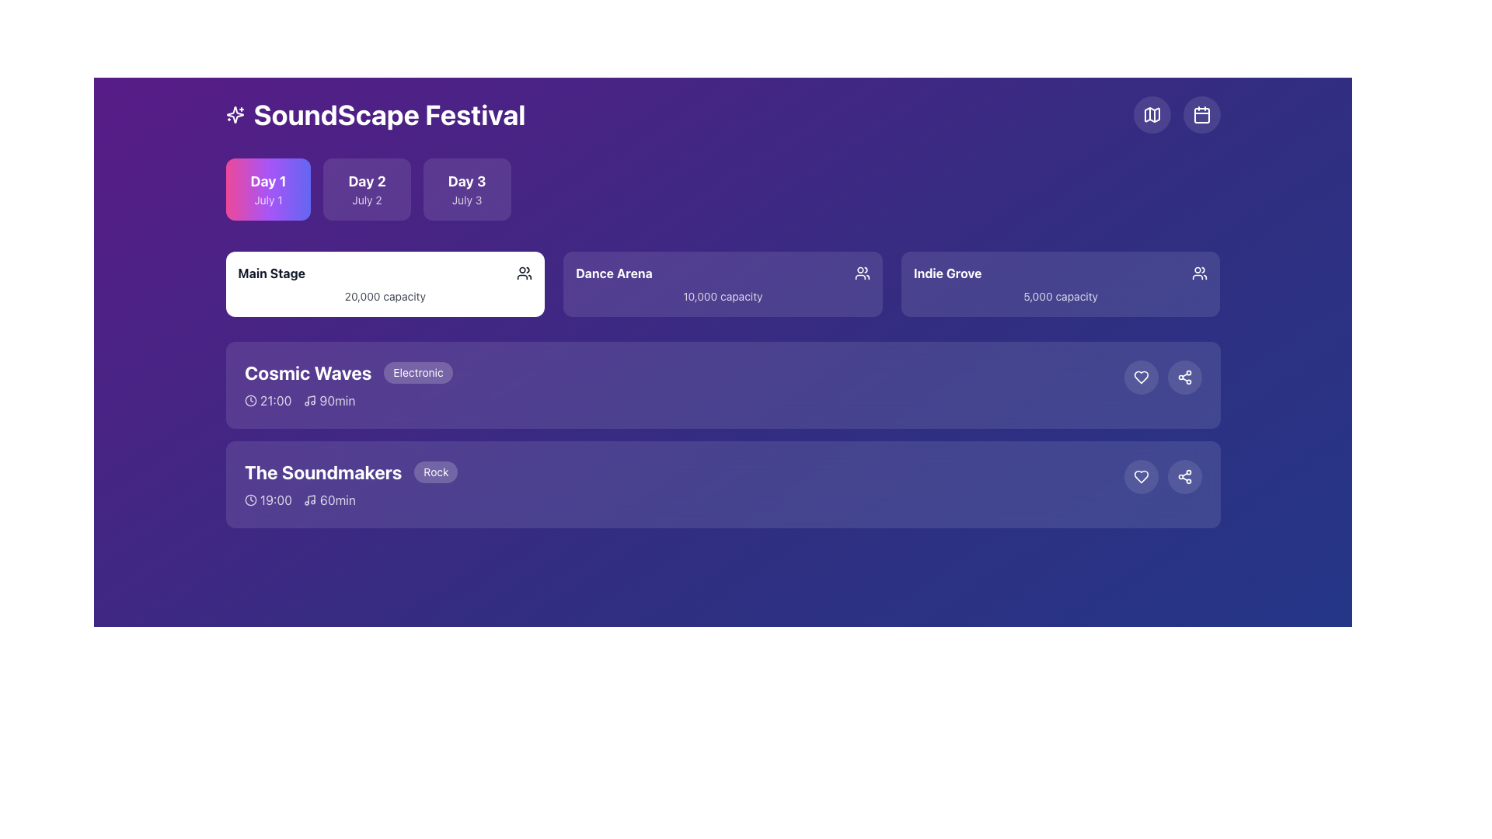 This screenshot has width=1492, height=839. I want to click on bold text label displaying 'Day 1', which is centrally aligned in the upper-left section of the interface against a gradient background, so click(268, 181).